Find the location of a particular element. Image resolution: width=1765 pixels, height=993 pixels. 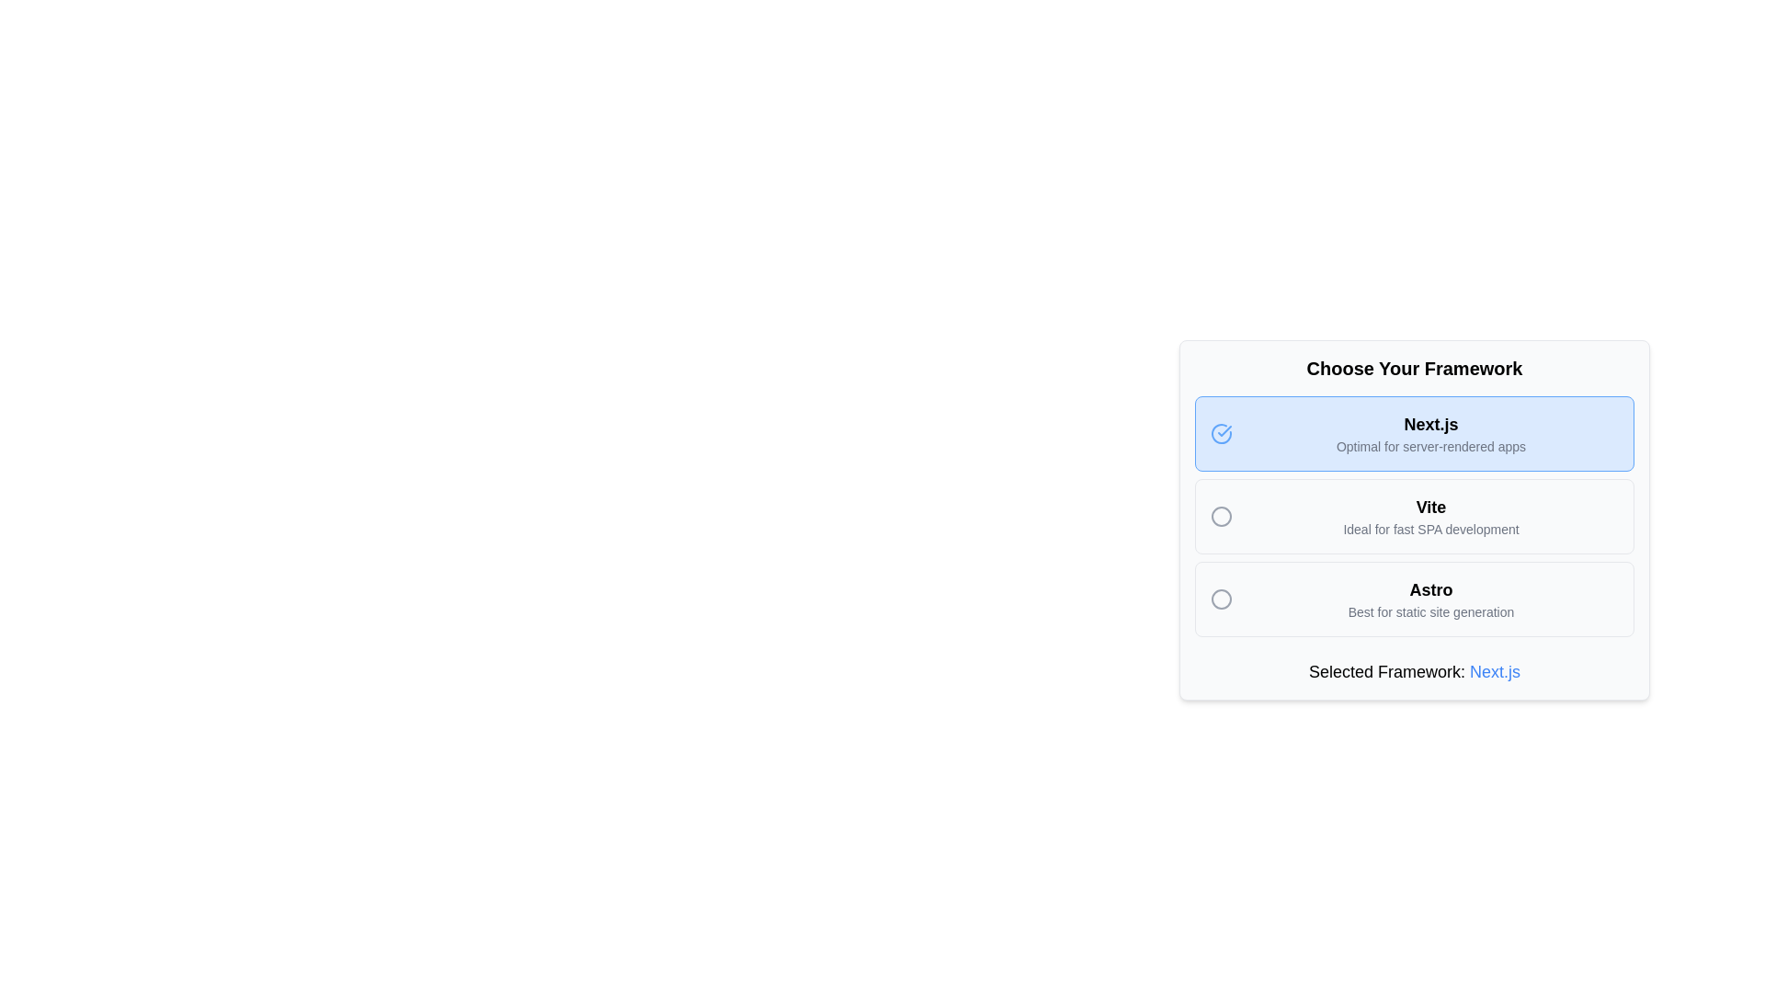

text label displaying 'Vite' which is prominently placed in the center of the framework selection list is located at coordinates (1429, 507).